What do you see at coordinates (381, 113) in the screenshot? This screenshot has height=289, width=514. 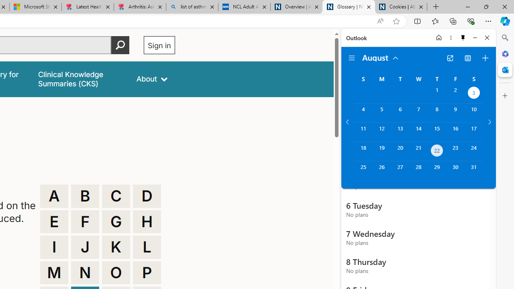 I see `'Monday, August 5, 2024. '` at bounding box center [381, 113].